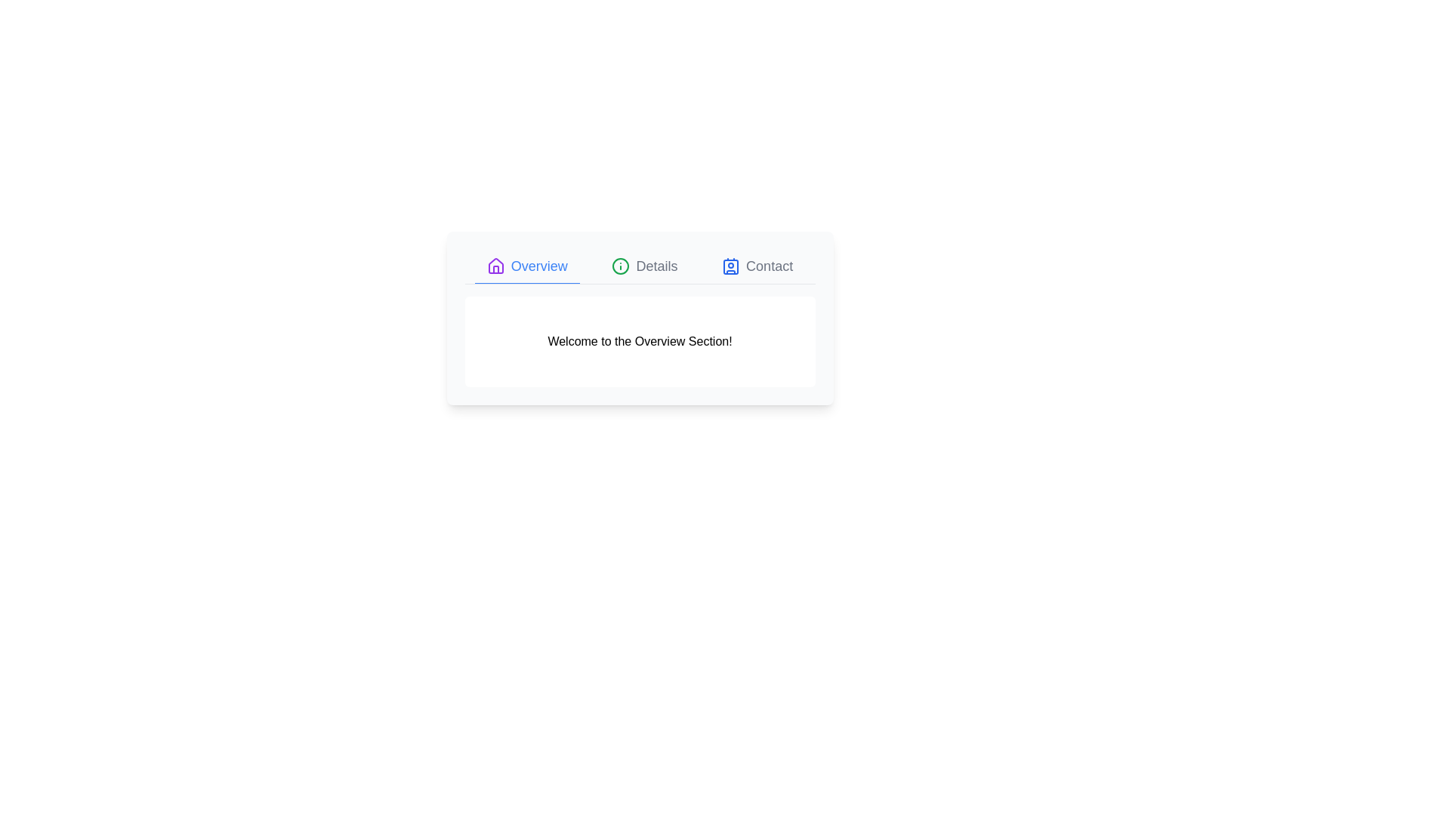  I want to click on the Overview tab to switch to its content, so click(526, 266).